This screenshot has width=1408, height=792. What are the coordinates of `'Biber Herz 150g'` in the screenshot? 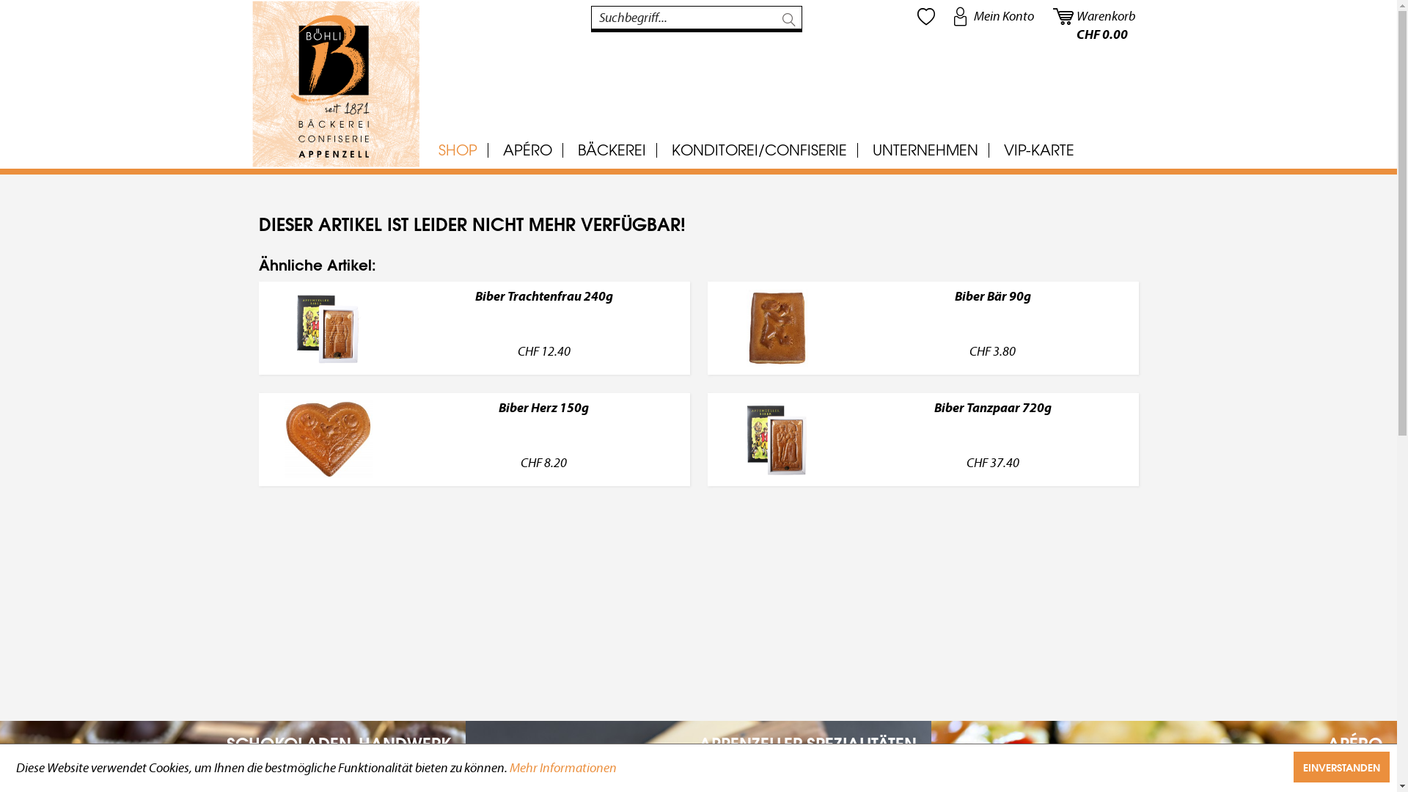 It's located at (543, 424).